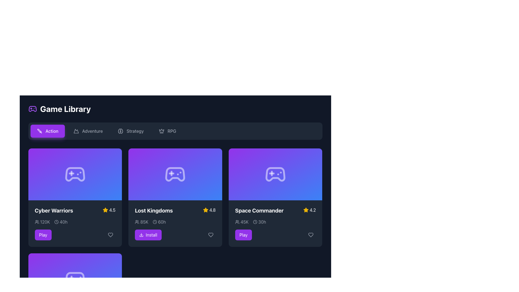 The image size is (519, 292). What do you see at coordinates (75, 223) in the screenshot?
I see `the lower section of the card in the first column of the game library interface that provides details related to the game ‘Cyber Warriors’` at bounding box center [75, 223].